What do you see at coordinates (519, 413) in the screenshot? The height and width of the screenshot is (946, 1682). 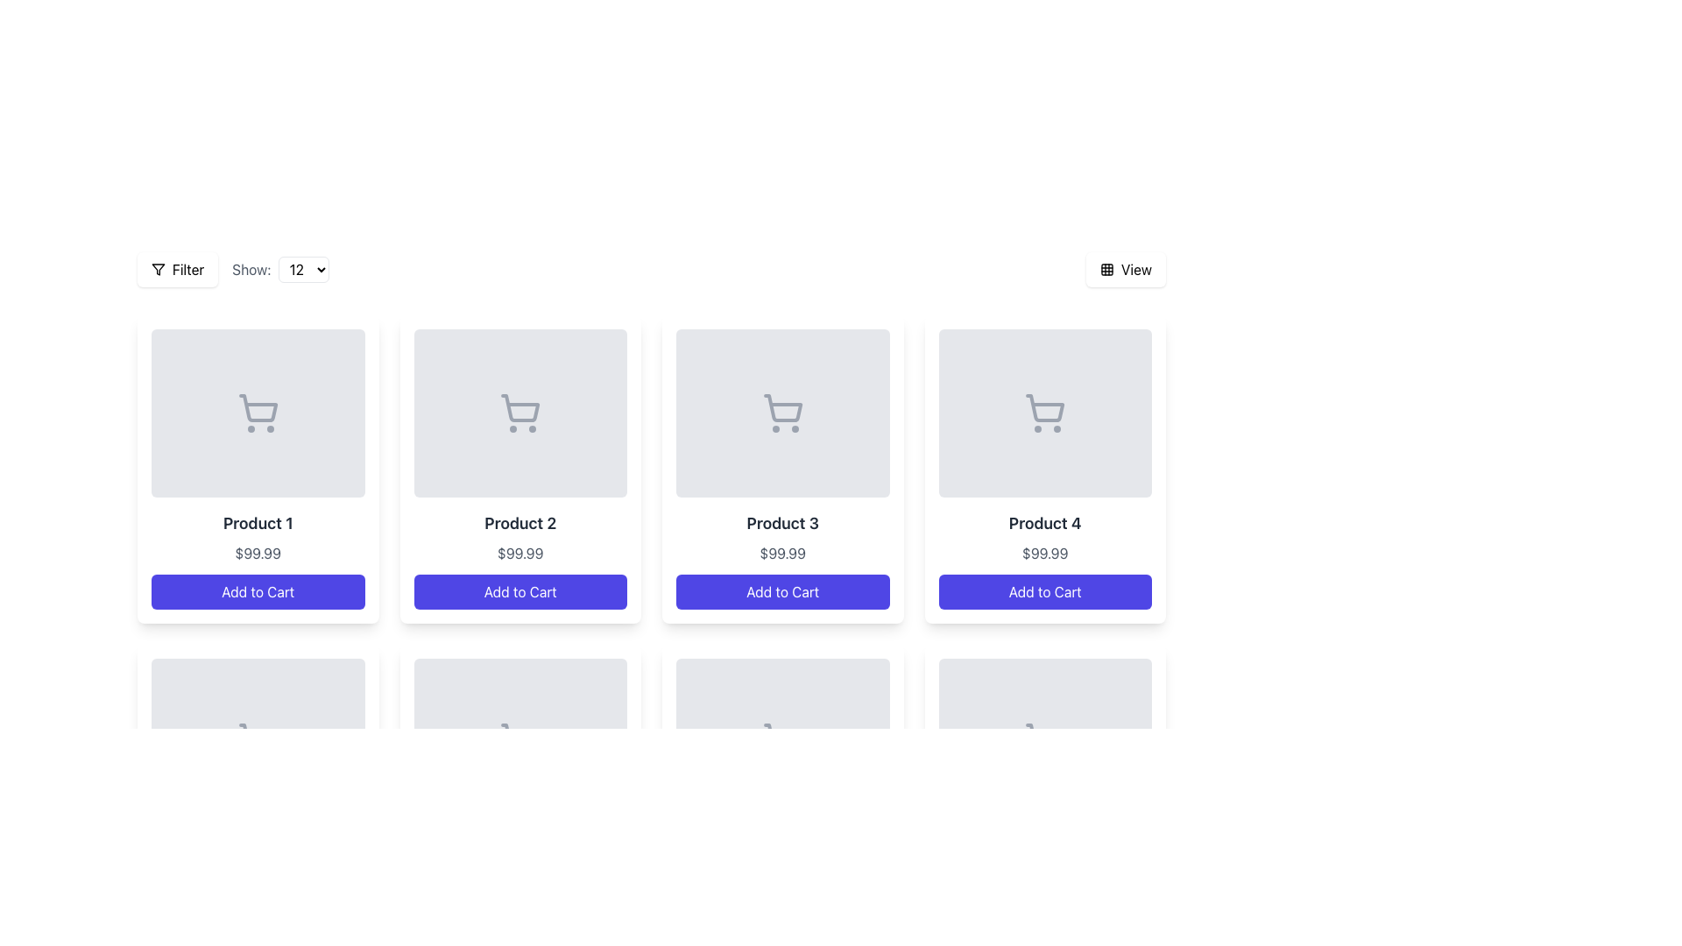 I see `the light gray rectangular box with rounded corners that contains a shopping cart icon, which represents the Decorative placeholder for 'Product 2'` at bounding box center [519, 413].